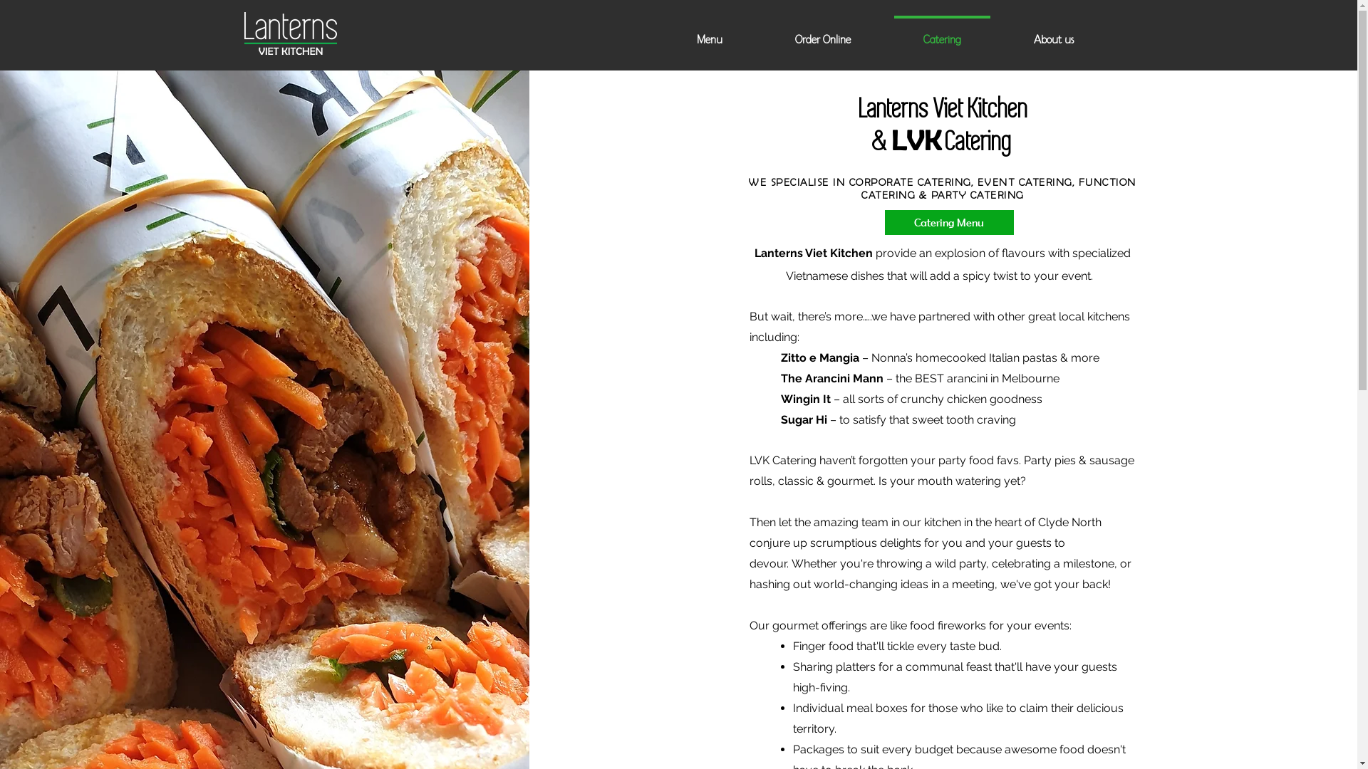  Describe the element at coordinates (822, 32) in the screenshot. I see `'Order Online'` at that location.